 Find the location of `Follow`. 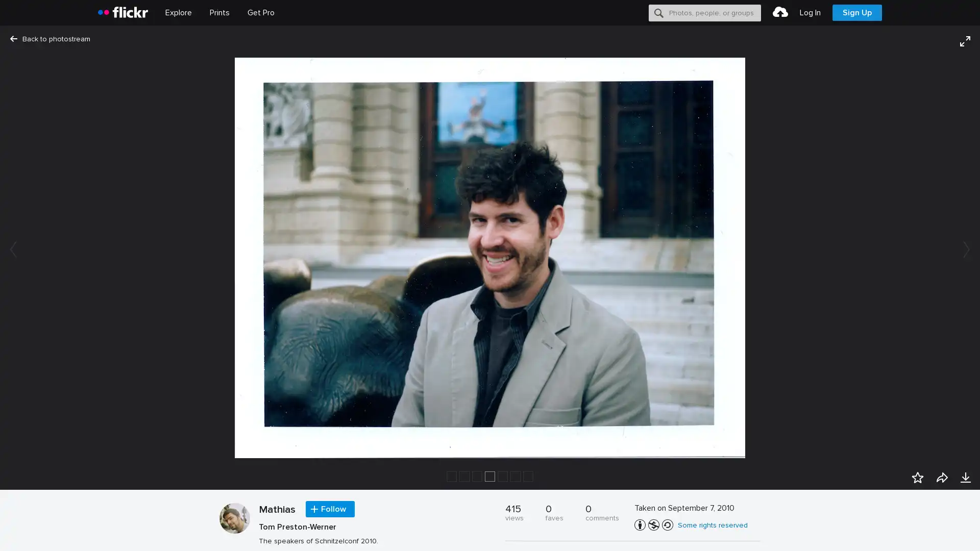

Follow is located at coordinates (330, 509).